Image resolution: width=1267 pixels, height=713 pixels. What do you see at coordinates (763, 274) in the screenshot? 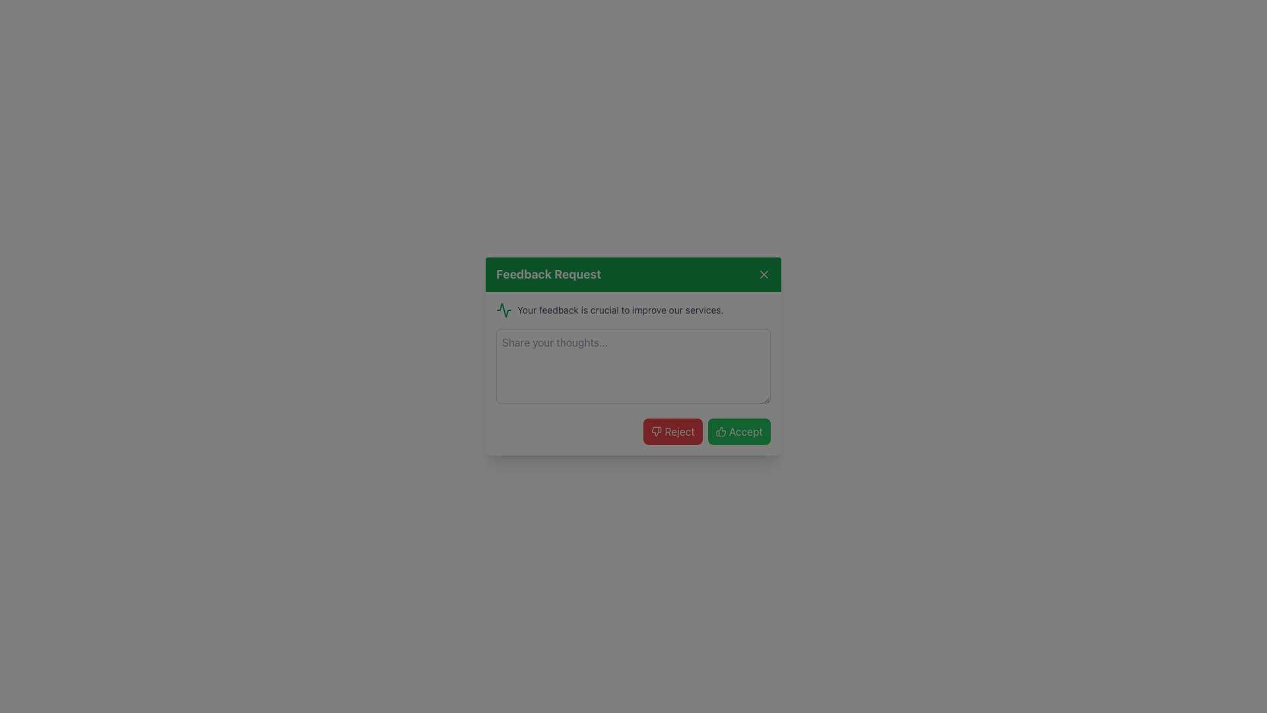
I see `the close button located at the far-right end of the header section in the 'Feedback Request' modal` at bounding box center [763, 274].